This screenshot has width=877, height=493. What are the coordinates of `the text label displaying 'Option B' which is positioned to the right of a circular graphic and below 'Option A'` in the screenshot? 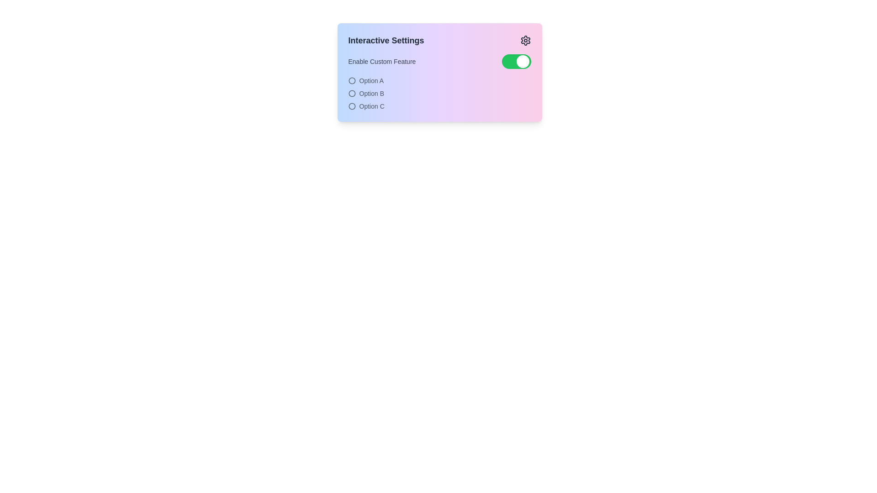 It's located at (371, 93).